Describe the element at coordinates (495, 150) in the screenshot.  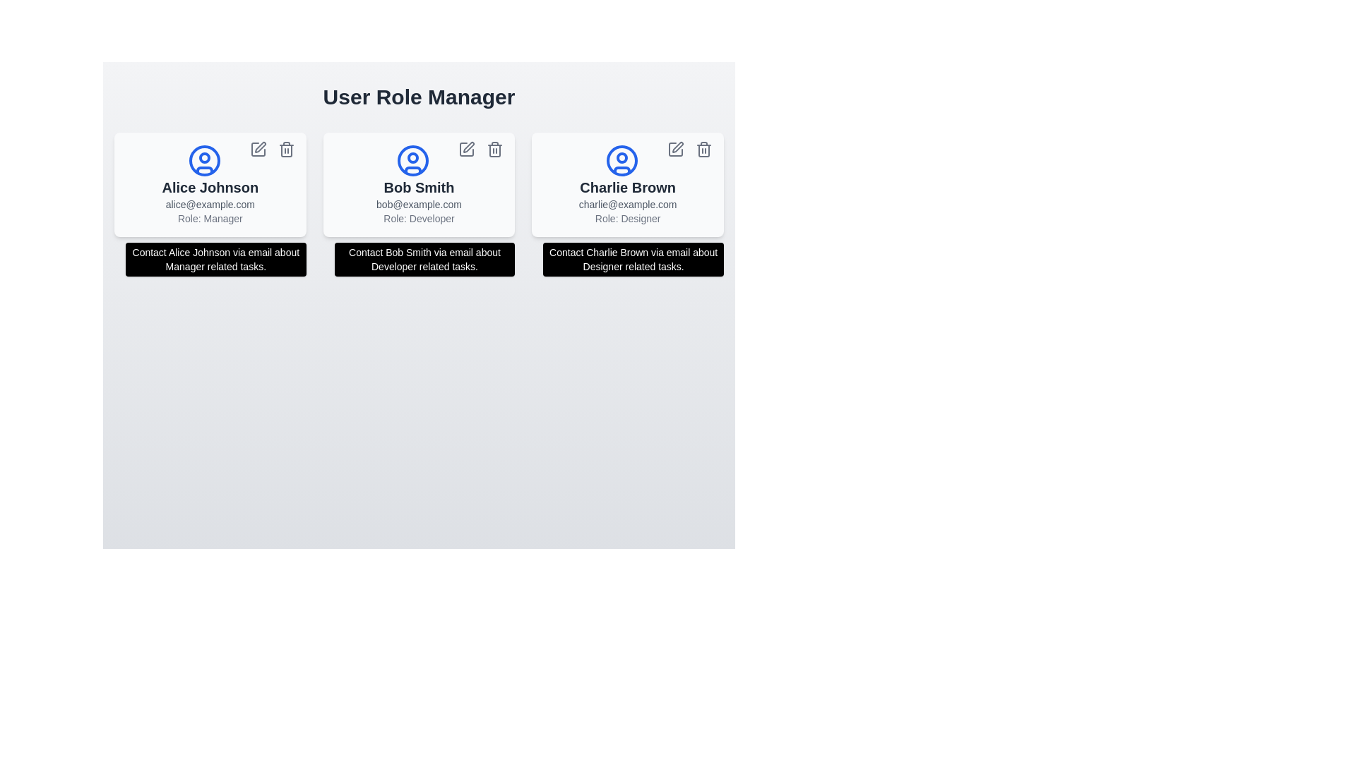
I see `the delete icon in the top-right corner of the 'Bob Smith' card to initiate the delete action` at that location.